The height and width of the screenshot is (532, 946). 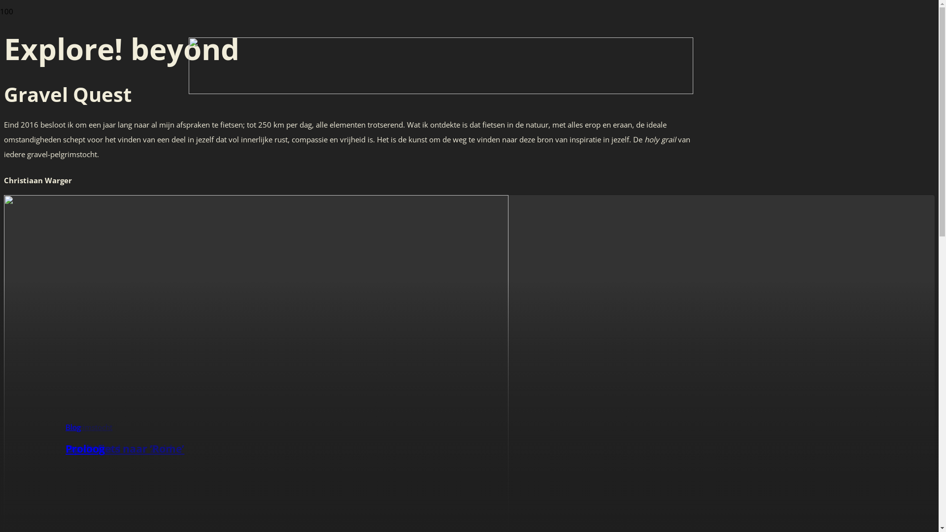 I want to click on 'Van Noord naar Zuid', so click(x=118, y=448).